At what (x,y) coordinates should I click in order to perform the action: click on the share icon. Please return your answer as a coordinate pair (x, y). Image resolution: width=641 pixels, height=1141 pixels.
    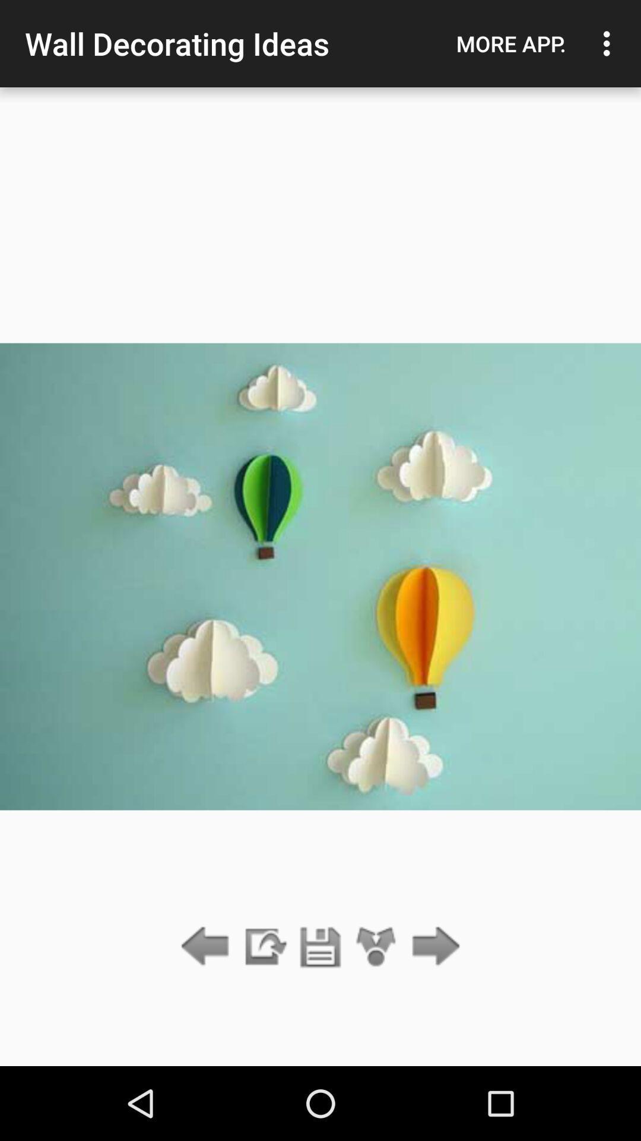
    Looking at the image, I should click on (376, 947).